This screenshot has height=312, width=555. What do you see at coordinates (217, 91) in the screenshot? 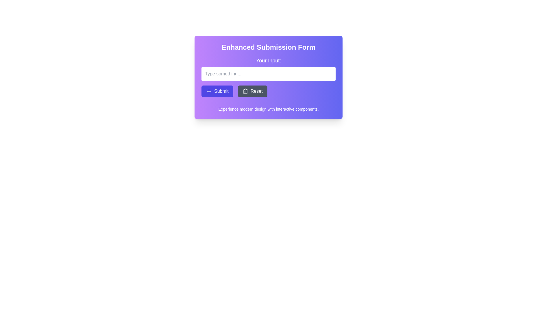
I see `the indigo 'Submit' button with a plus symbol to observe the color change effect` at bounding box center [217, 91].